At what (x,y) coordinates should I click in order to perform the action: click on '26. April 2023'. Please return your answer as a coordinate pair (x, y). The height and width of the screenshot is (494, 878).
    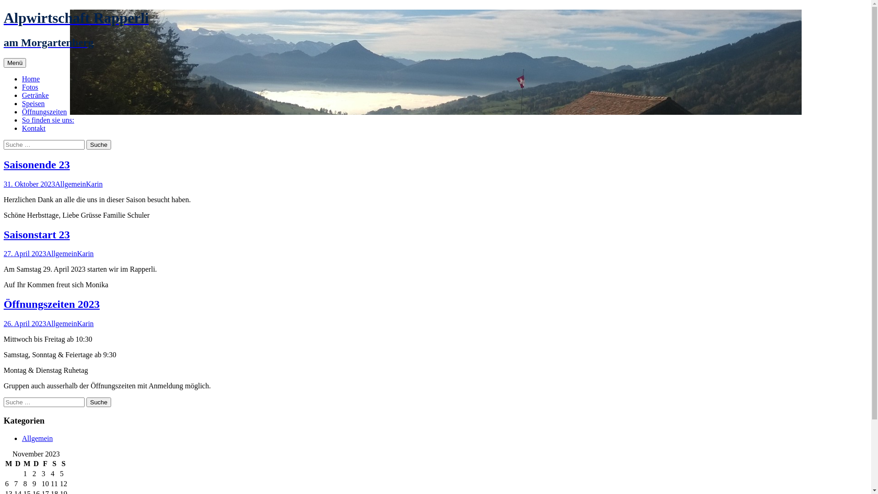
    Looking at the image, I should click on (4, 323).